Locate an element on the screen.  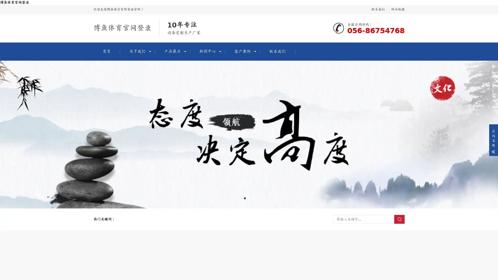
Go to slide 3 is located at coordinates (253, 198).